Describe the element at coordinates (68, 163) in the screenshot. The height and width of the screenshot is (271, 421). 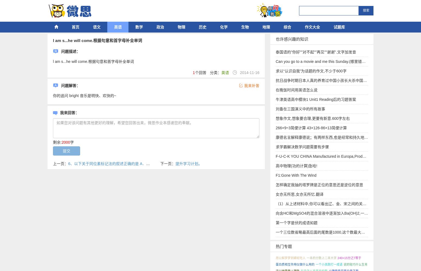
I see `'6、以下关于同位素标记法的叙述正确的是 A．向洋葱的培养液中添加含15N的尿嘧啶核糖核苷酸，根尖分生区细胞对该物质的吸收'` at that location.